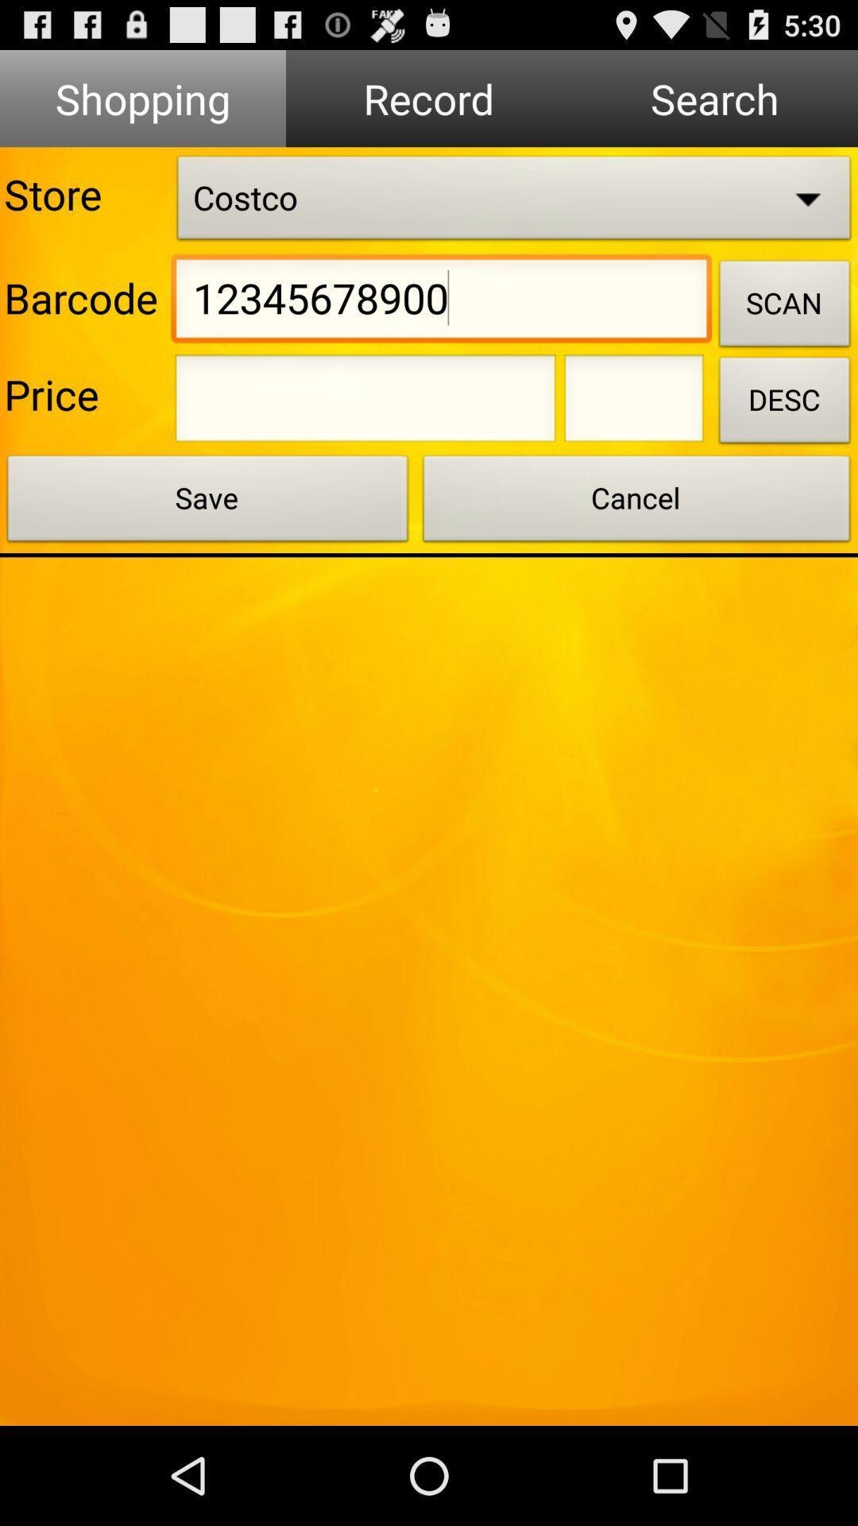 The image size is (858, 1526). Describe the element at coordinates (633, 403) in the screenshot. I see `price` at that location.